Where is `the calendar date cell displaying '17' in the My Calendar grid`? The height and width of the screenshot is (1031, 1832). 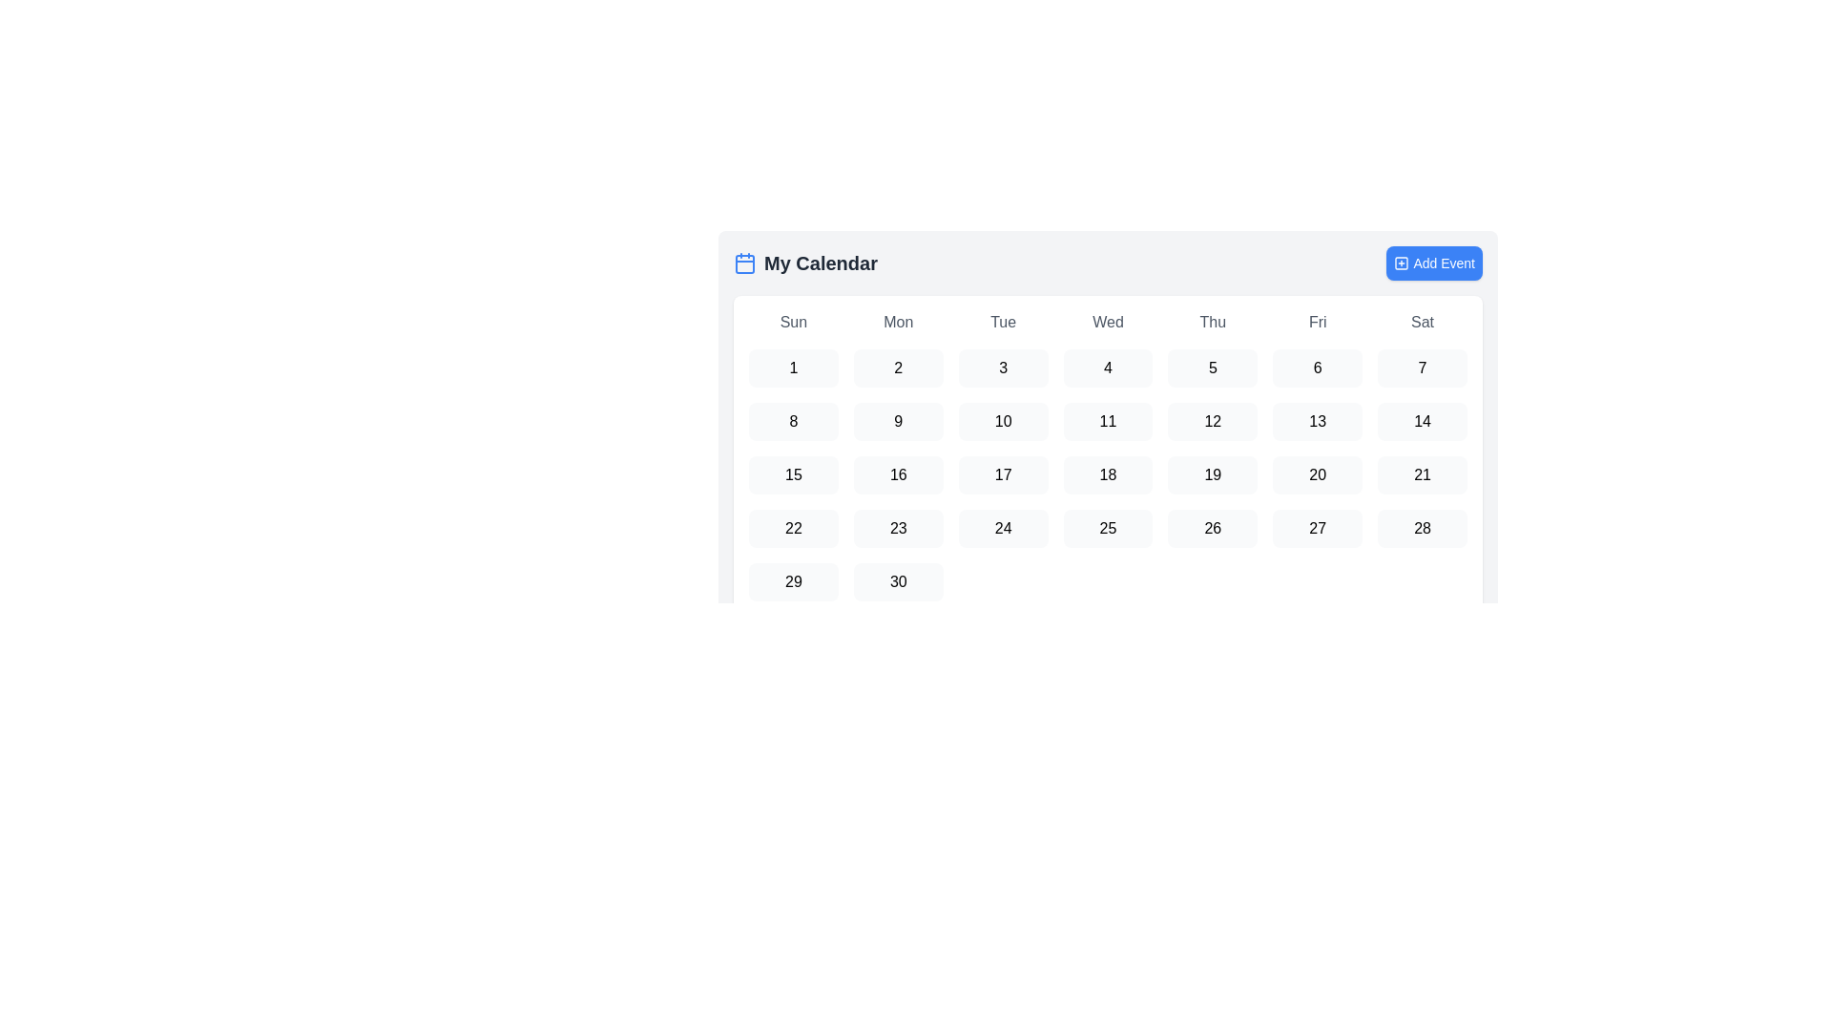 the calendar date cell displaying '17' in the My Calendar grid is located at coordinates (1002, 473).